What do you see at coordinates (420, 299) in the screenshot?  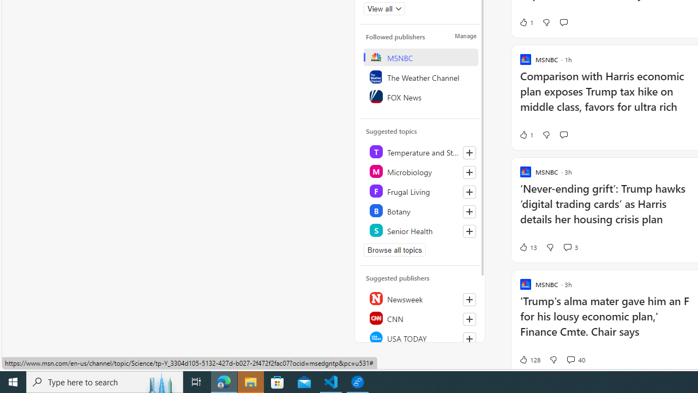 I see `'Newsweek'` at bounding box center [420, 299].